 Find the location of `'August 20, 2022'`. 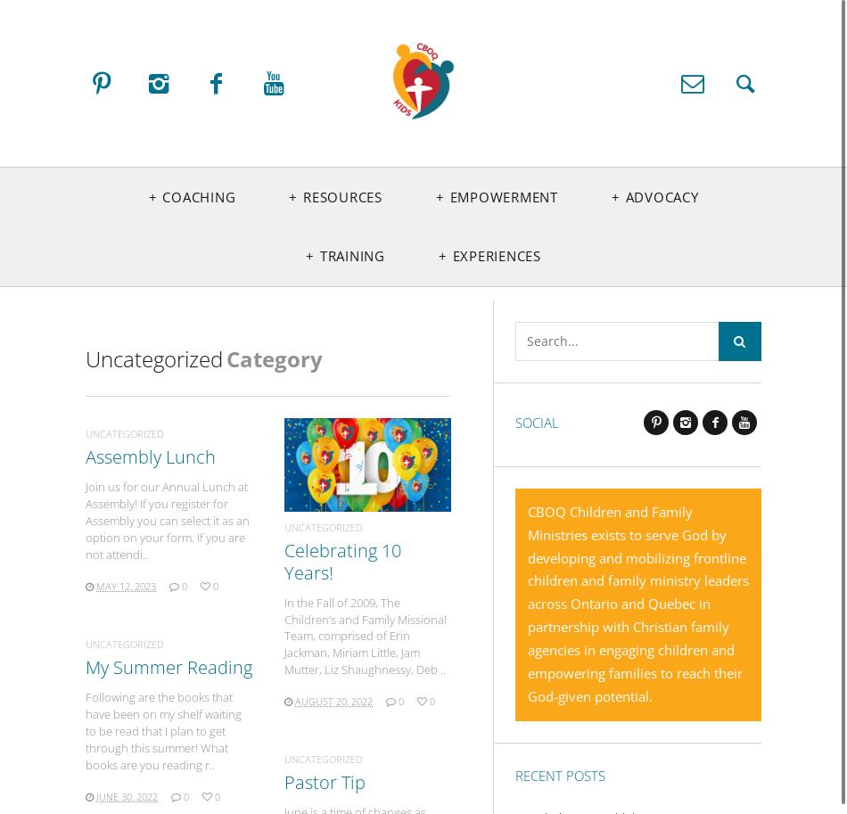

'August 20, 2022' is located at coordinates (293, 700).